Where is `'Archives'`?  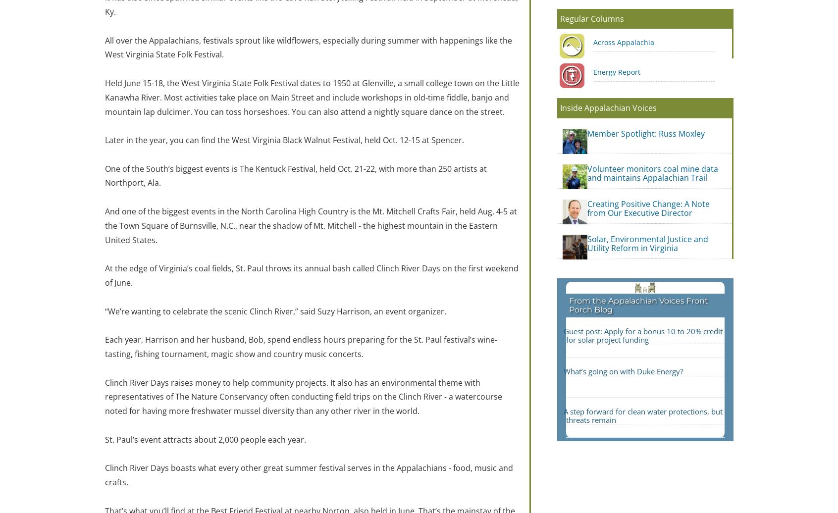
'Archives' is located at coordinates (438, 308).